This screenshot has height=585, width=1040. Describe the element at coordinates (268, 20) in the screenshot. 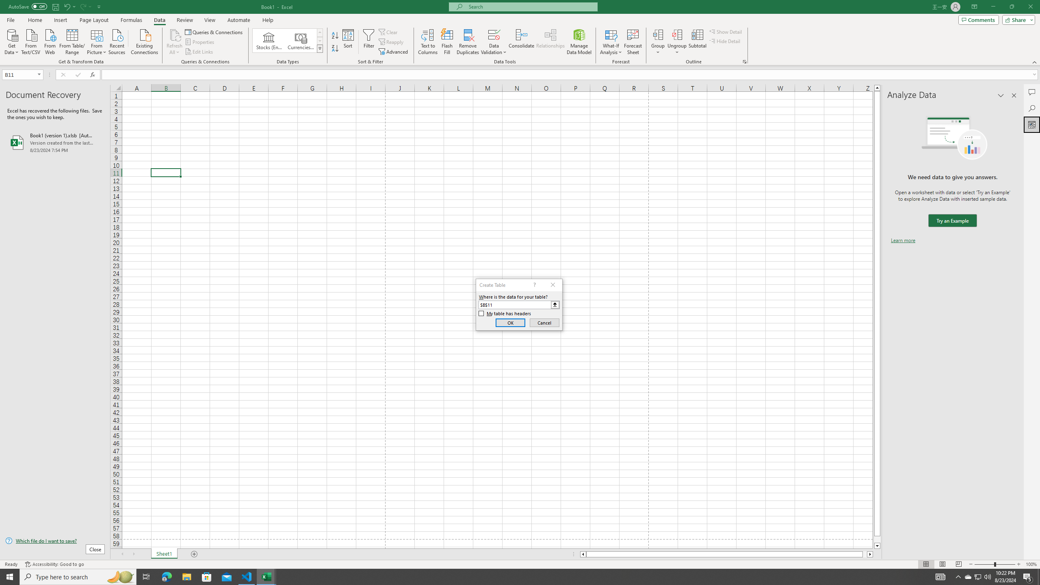

I see `'Help'` at that location.